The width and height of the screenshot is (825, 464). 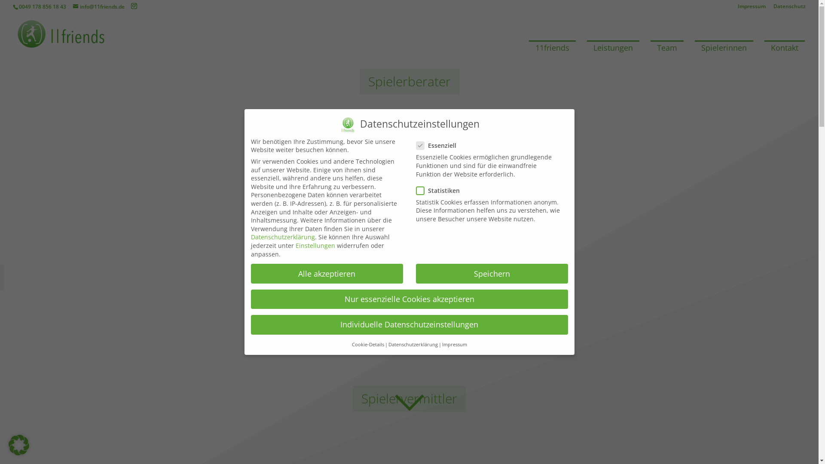 I want to click on 'Einstellungen', so click(x=295, y=245).